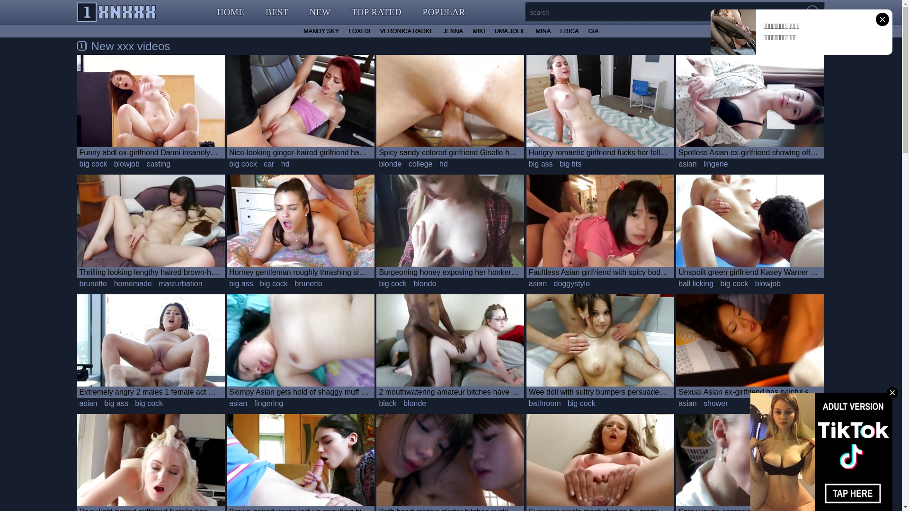  What do you see at coordinates (77, 164) in the screenshot?
I see `'big cock'` at bounding box center [77, 164].